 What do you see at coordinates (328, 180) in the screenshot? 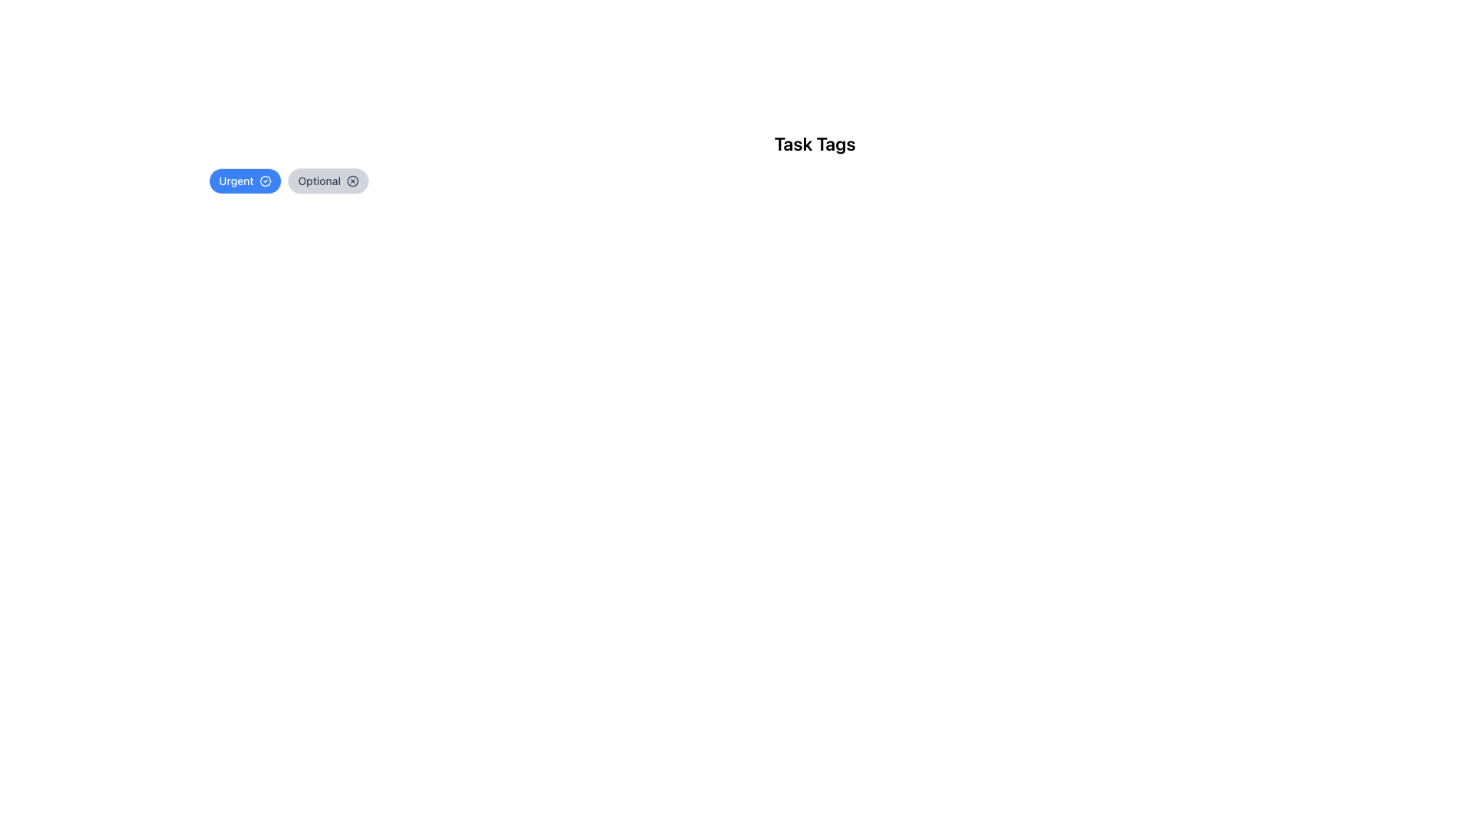
I see `the 'Optional' button which is a pill-shaped button styled in light gray with the word 'Optional' in dark gray and a small circular icon containing an 'x'` at bounding box center [328, 180].